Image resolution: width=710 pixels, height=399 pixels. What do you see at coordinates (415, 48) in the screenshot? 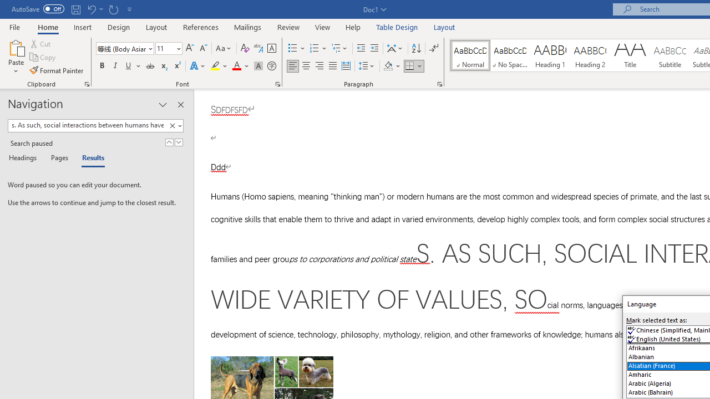
I see `'Sort...'` at bounding box center [415, 48].